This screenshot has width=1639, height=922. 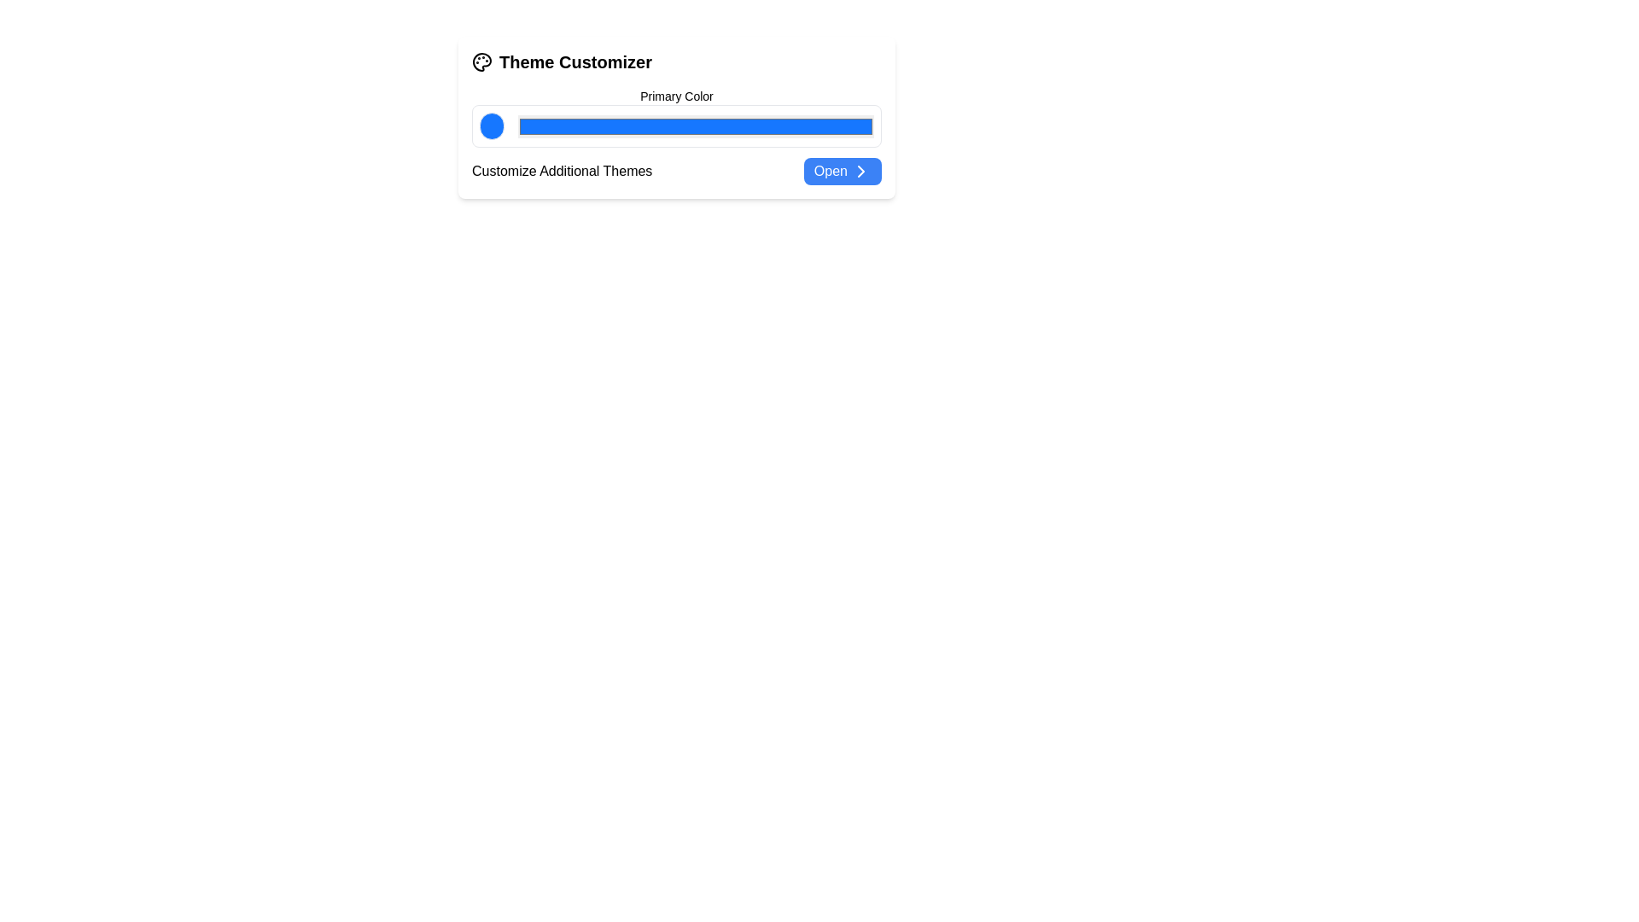 What do you see at coordinates (675, 117) in the screenshot?
I see `the color from the Interactive color selector located beneath the 'Primary Color' label in the 'Theme Customizer' interface` at bounding box center [675, 117].